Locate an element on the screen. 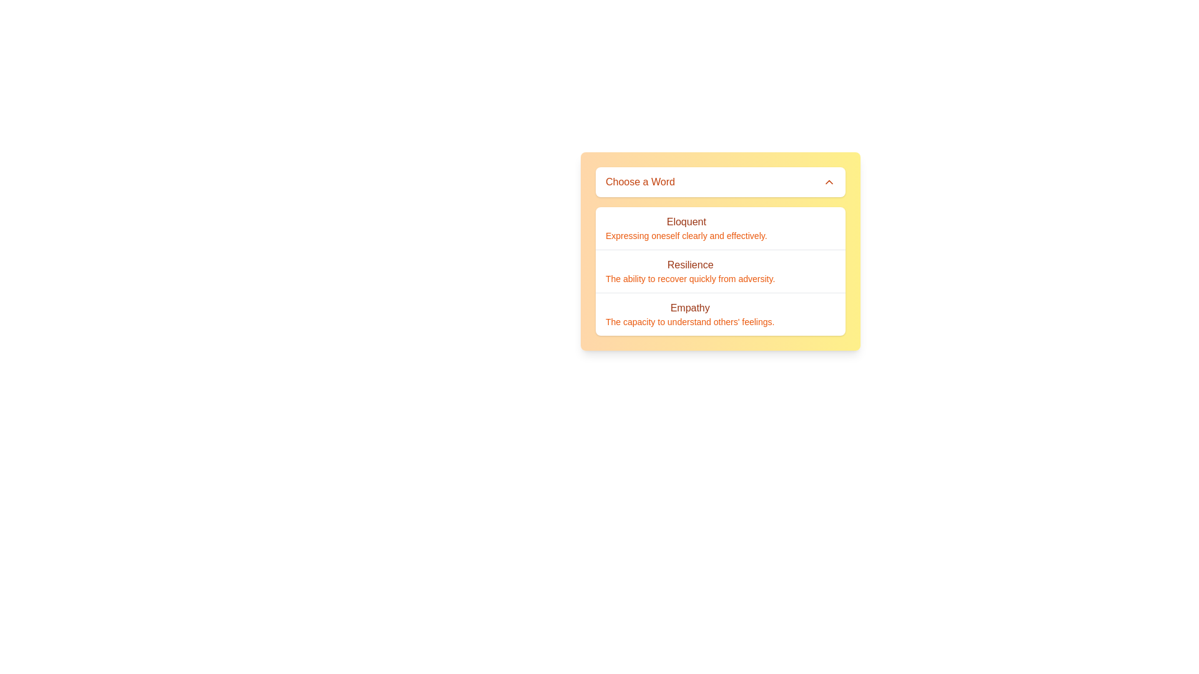  the text element providing a brief explanation of the term 'Empathy' located within the dropdown menu with a yellow gradient background, positioned below the entry 'Empathy' is located at coordinates (689, 321).